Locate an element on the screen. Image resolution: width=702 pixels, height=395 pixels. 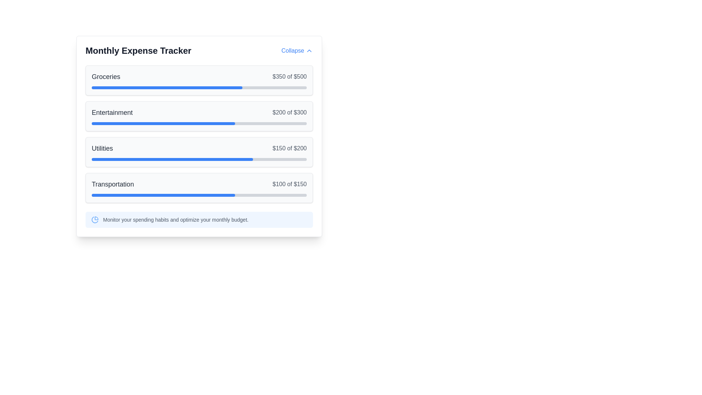
the first horizontal progress bar in the 'Groceries' section, which has a gray background and a blue portion indicating approximately 70% progress is located at coordinates (199, 87).